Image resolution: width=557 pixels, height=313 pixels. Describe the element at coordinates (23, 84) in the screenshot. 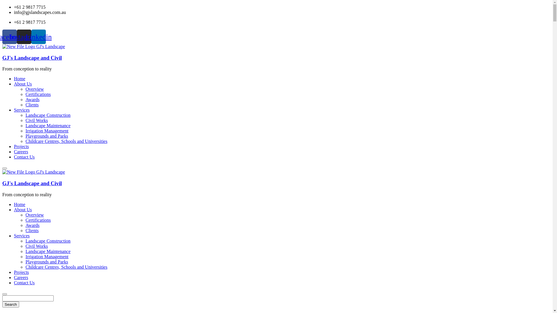

I see `'About Us'` at that location.